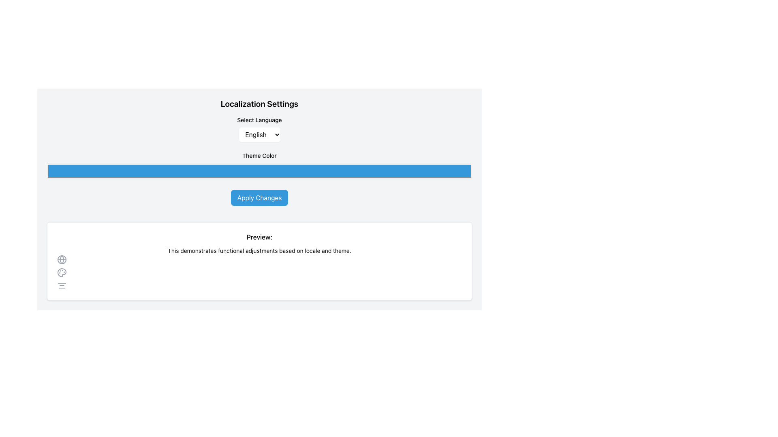 This screenshot has height=437, width=778. What do you see at coordinates (62, 259) in the screenshot?
I see `the decorative SVG Circle that forms the outer circular boundary of the globe icon located in the left section of the card component` at bounding box center [62, 259].